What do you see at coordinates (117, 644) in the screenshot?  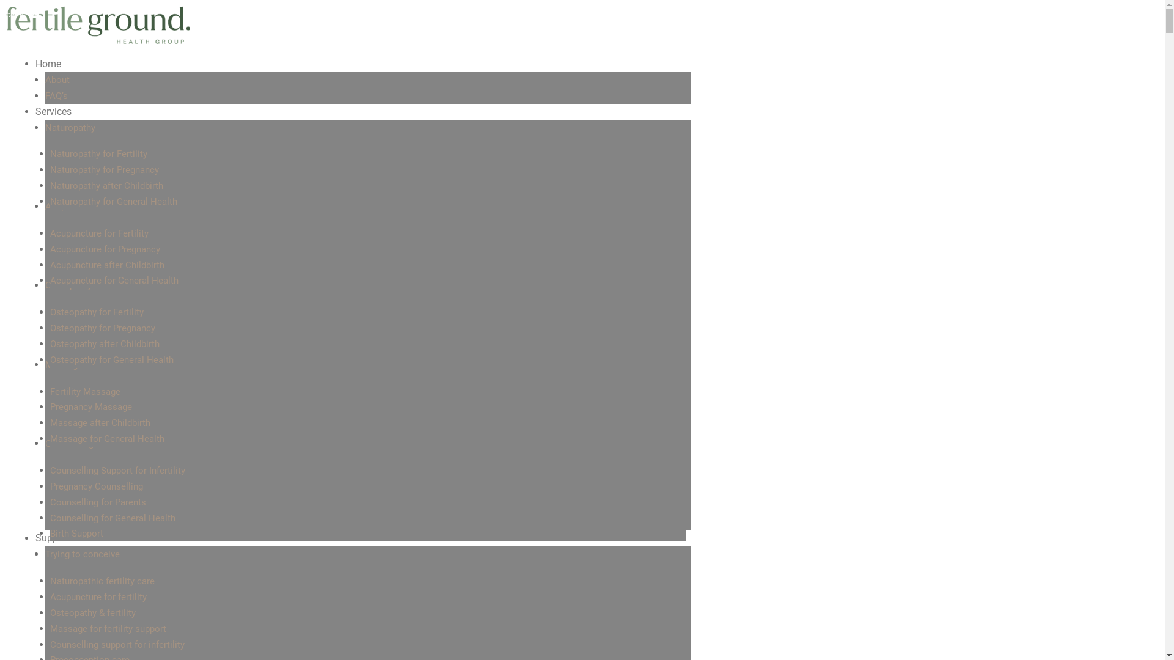 I see `'Counselling support for infertility'` at bounding box center [117, 644].